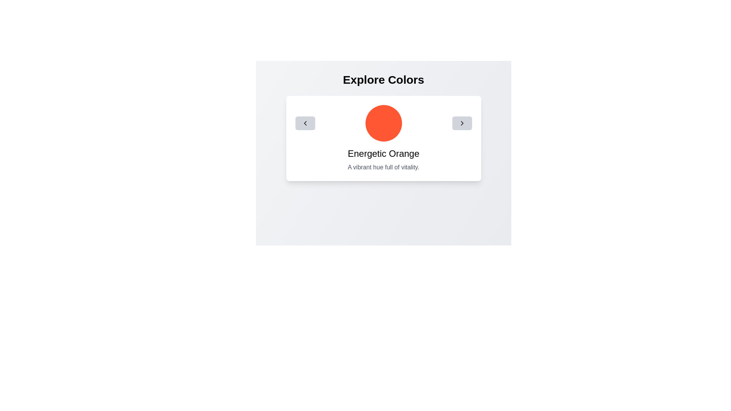 The height and width of the screenshot is (411, 731). What do you see at coordinates (383, 80) in the screenshot?
I see `the section title label that introduces the content below, positioned at the top center of the interface, above the description and interactive elements` at bounding box center [383, 80].